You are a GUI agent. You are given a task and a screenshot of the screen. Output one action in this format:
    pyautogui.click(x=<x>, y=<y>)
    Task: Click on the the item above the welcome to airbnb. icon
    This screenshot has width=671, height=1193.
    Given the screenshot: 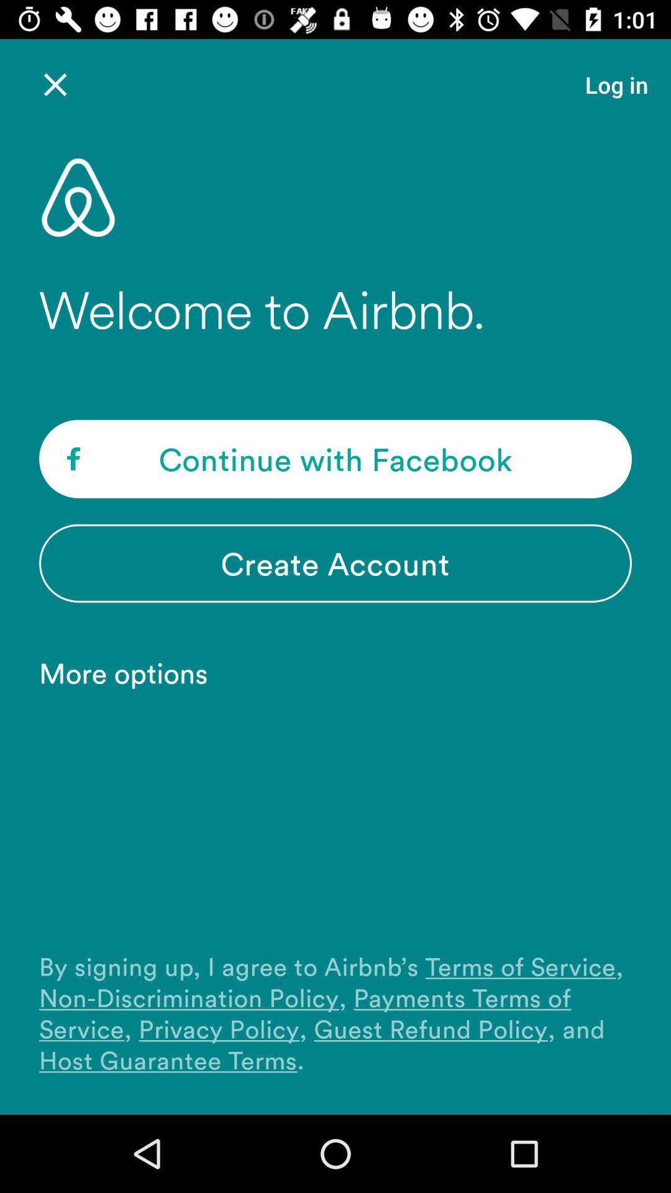 What is the action you would take?
    pyautogui.click(x=616, y=84)
    